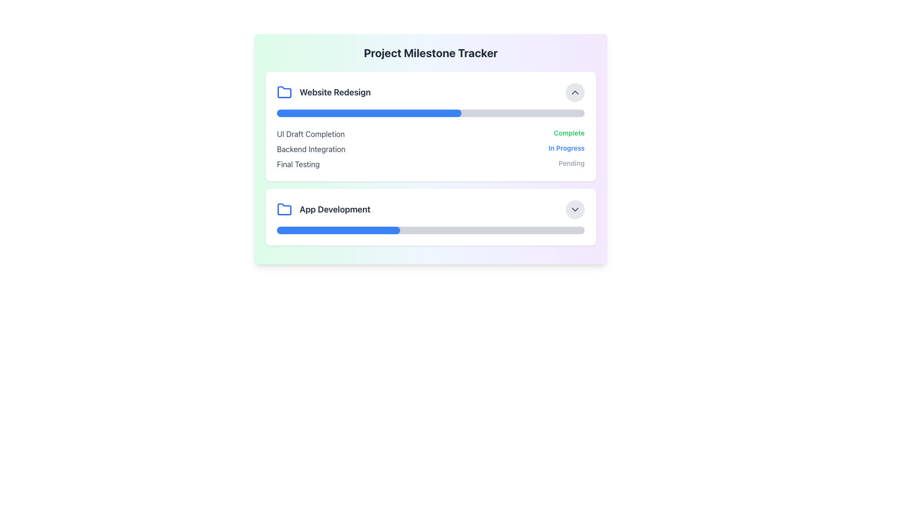 The height and width of the screenshot is (510, 906). Describe the element at coordinates (310, 134) in the screenshot. I see `the static text label displaying 'UI Draft Completion' that is located in the 'Website Redesign' section of the task list` at that location.